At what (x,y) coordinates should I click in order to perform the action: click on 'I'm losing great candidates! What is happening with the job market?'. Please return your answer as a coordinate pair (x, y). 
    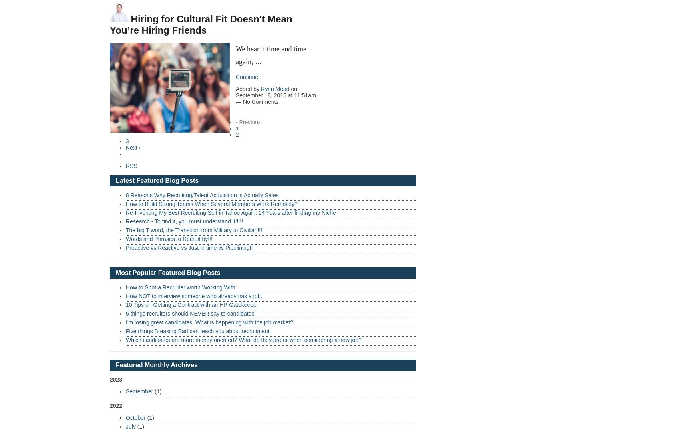
    Looking at the image, I should click on (209, 322).